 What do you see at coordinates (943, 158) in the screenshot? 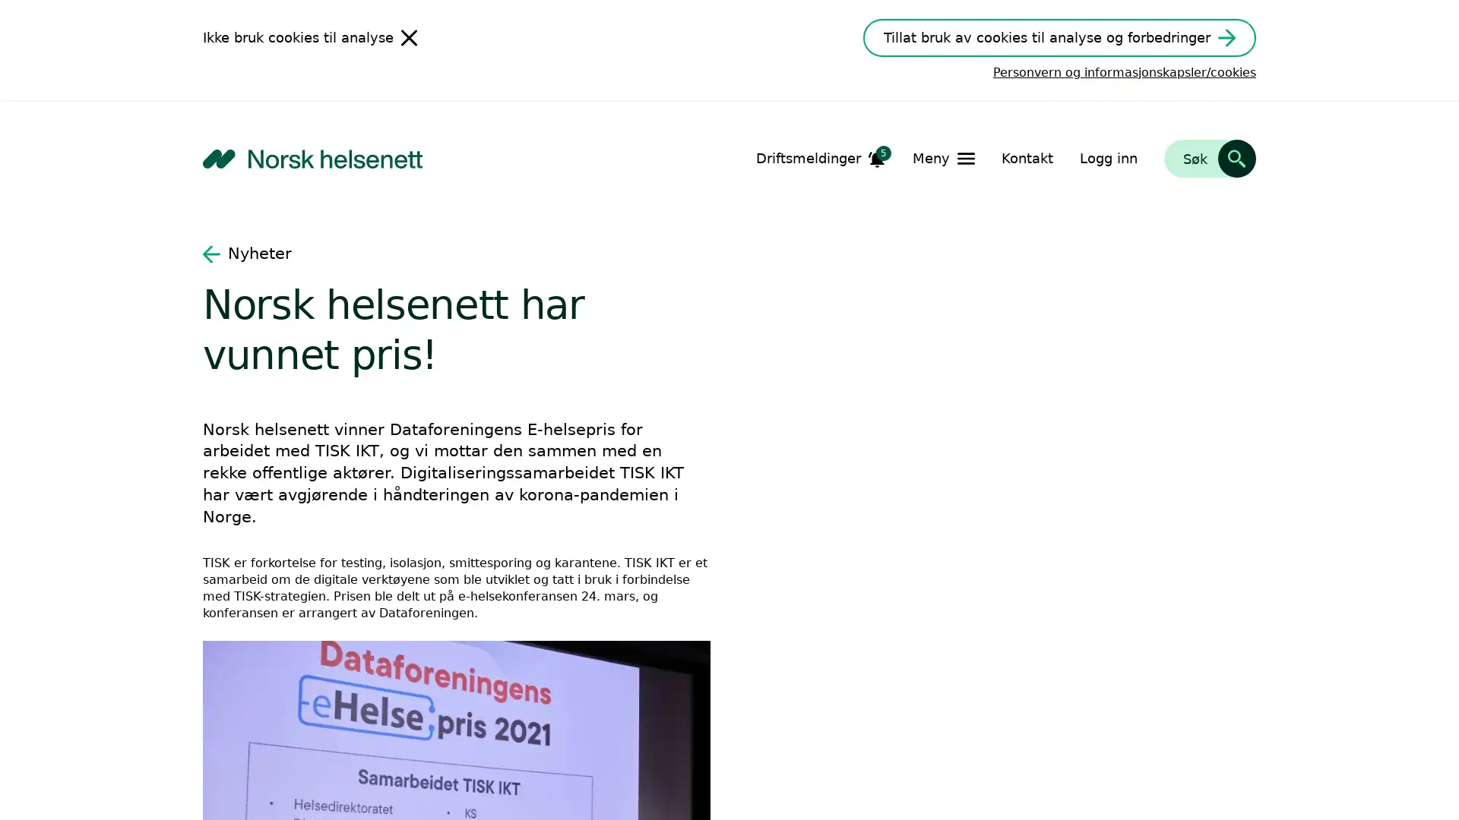
I see `Apne Meny` at bounding box center [943, 158].